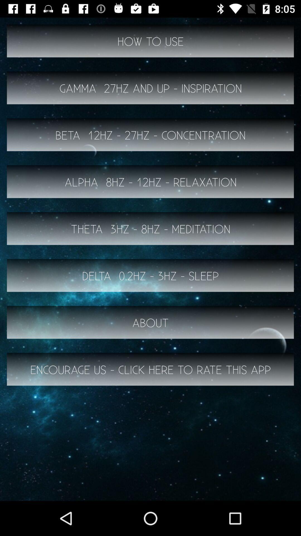 The height and width of the screenshot is (536, 301). What do you see at coordinates (151, 182) in the screenshot?
I see `button below beta 12hz 27hz item` at bounding box center [151, 182].